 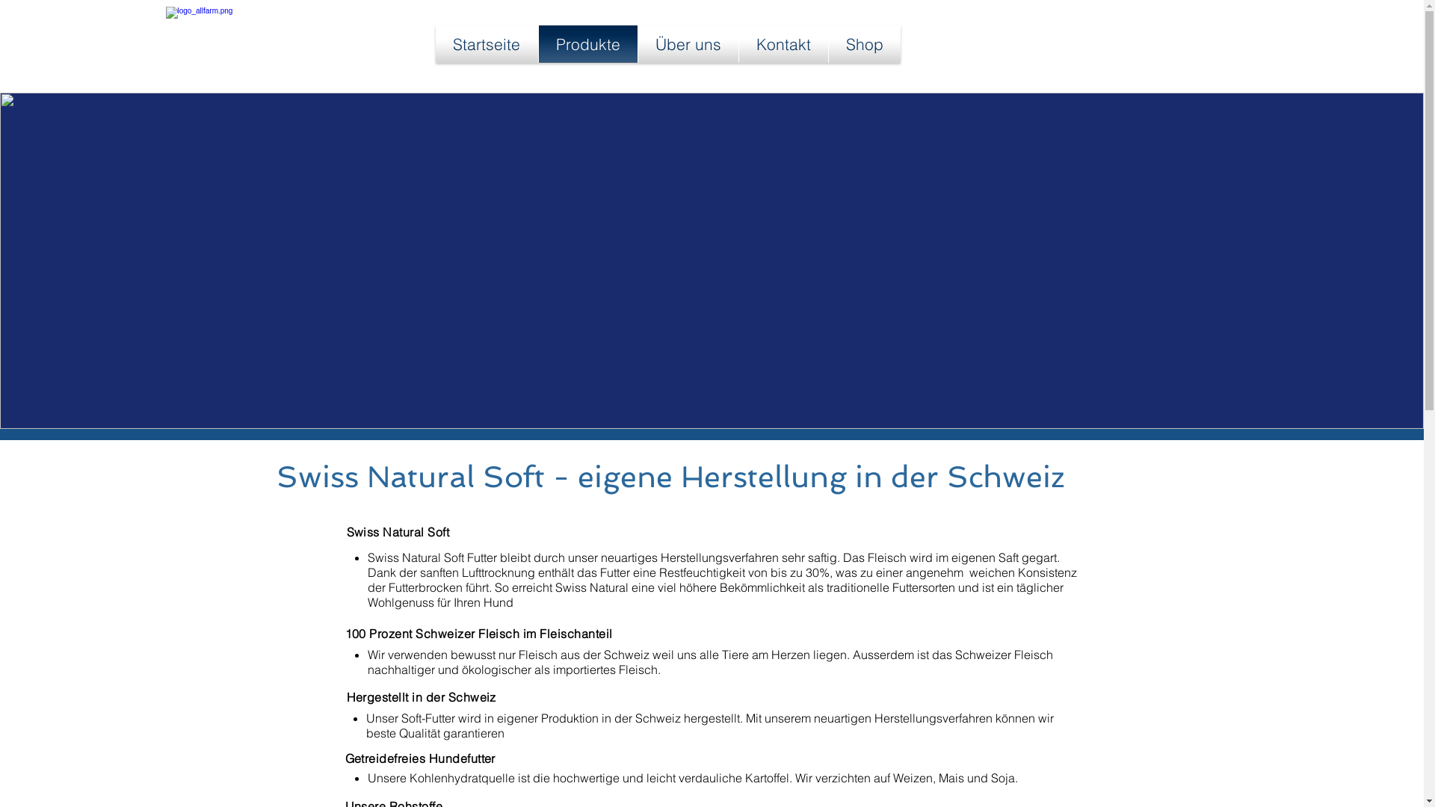 I want to click on 'Shop', so click(x=864, y=43).